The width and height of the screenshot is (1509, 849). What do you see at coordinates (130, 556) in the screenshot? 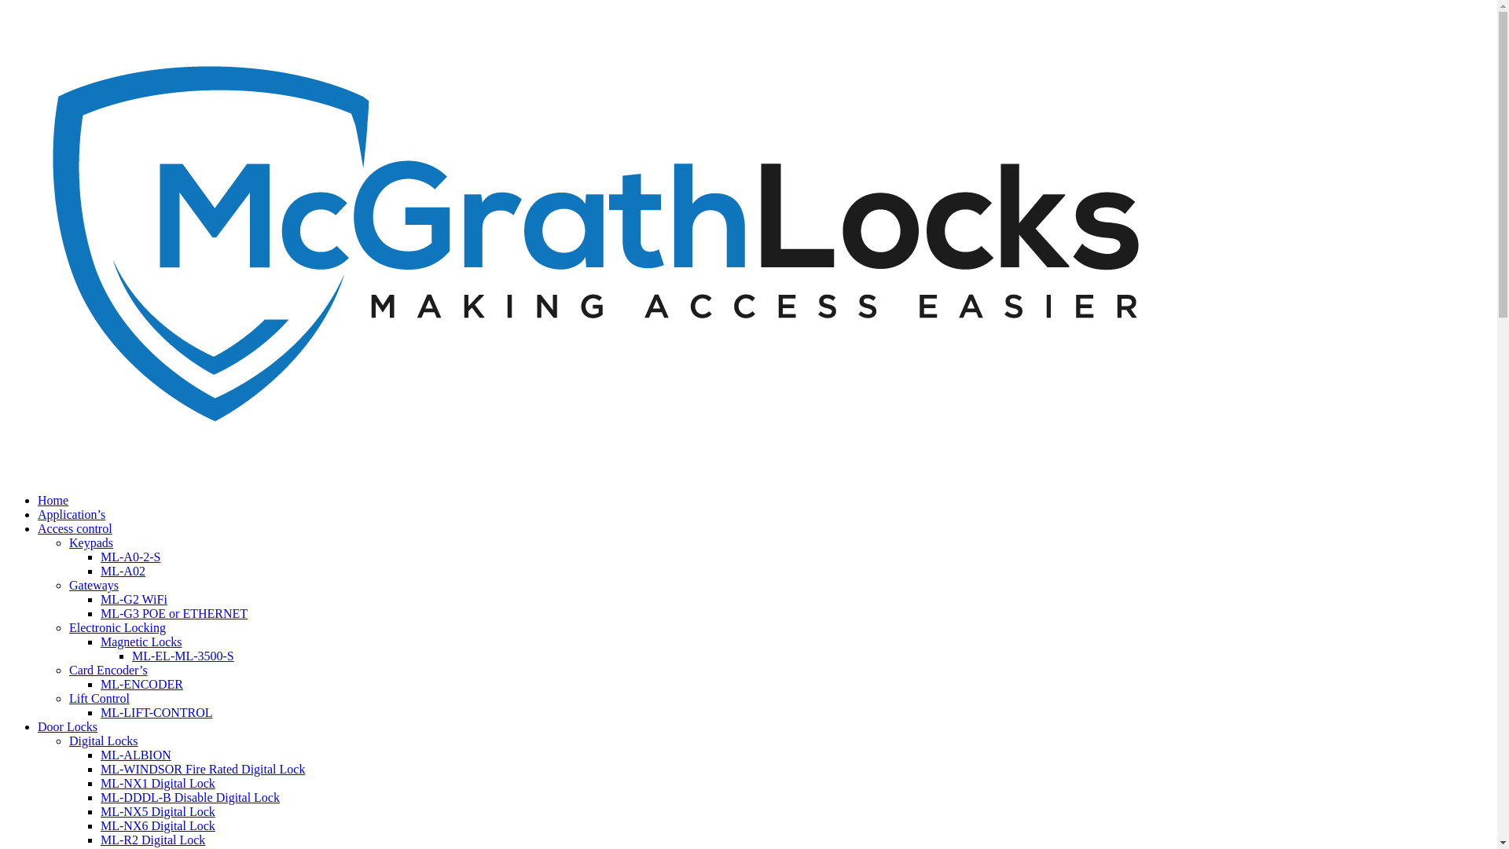
I see `'ML-A0-2-S'` at bounding box center [130, 556].